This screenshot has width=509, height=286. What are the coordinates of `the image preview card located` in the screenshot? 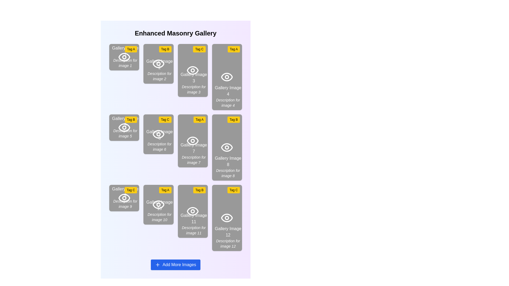 It's located at (227, 77).